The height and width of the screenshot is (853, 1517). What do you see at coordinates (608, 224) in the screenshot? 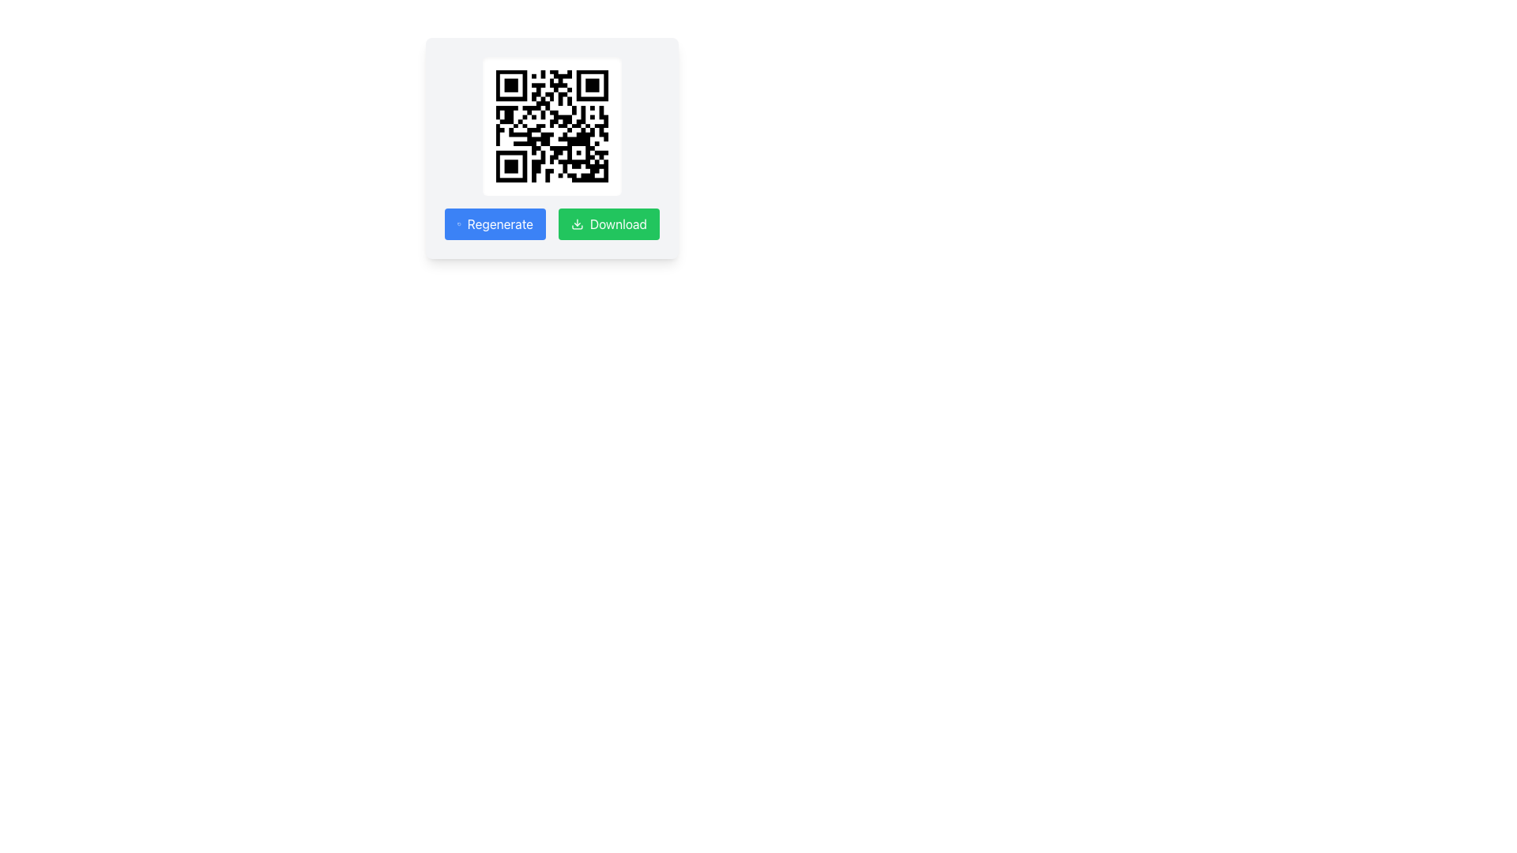
I see `the green 'Download' button with rounded corners and a download icon` at bounding box center [608, 224].